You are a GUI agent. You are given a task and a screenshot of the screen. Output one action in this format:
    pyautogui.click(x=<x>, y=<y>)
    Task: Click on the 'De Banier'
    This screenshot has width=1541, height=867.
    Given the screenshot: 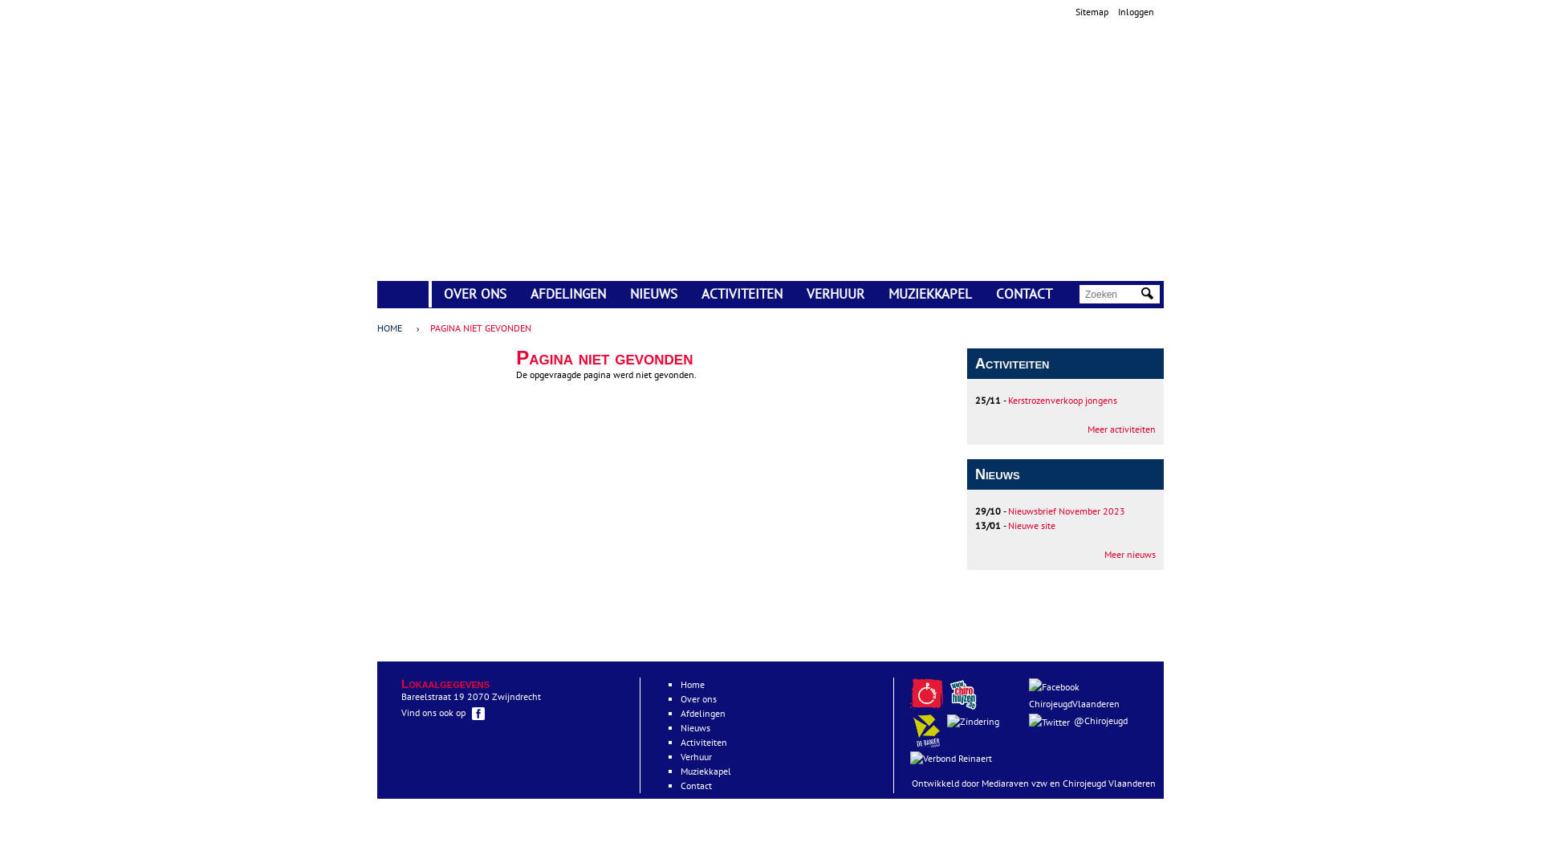 What is the action you would take?
    pyautogui.click(x=928, y=743)
    